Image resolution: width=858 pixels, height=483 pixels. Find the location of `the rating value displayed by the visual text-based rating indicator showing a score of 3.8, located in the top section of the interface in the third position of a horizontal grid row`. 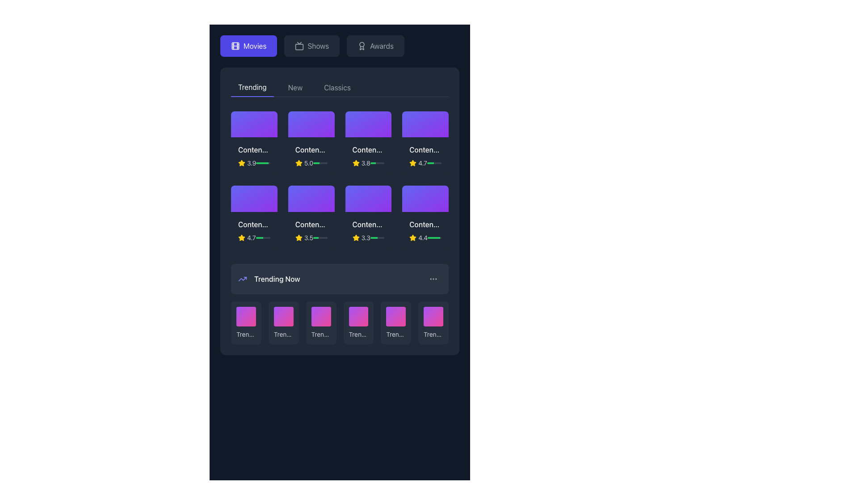

the rating value displayed by the visual text-based rating indicator showing a score of 3.8, located in the top section of the interface in the third position of a horizontal grid row is located at coordinates (361, 163).